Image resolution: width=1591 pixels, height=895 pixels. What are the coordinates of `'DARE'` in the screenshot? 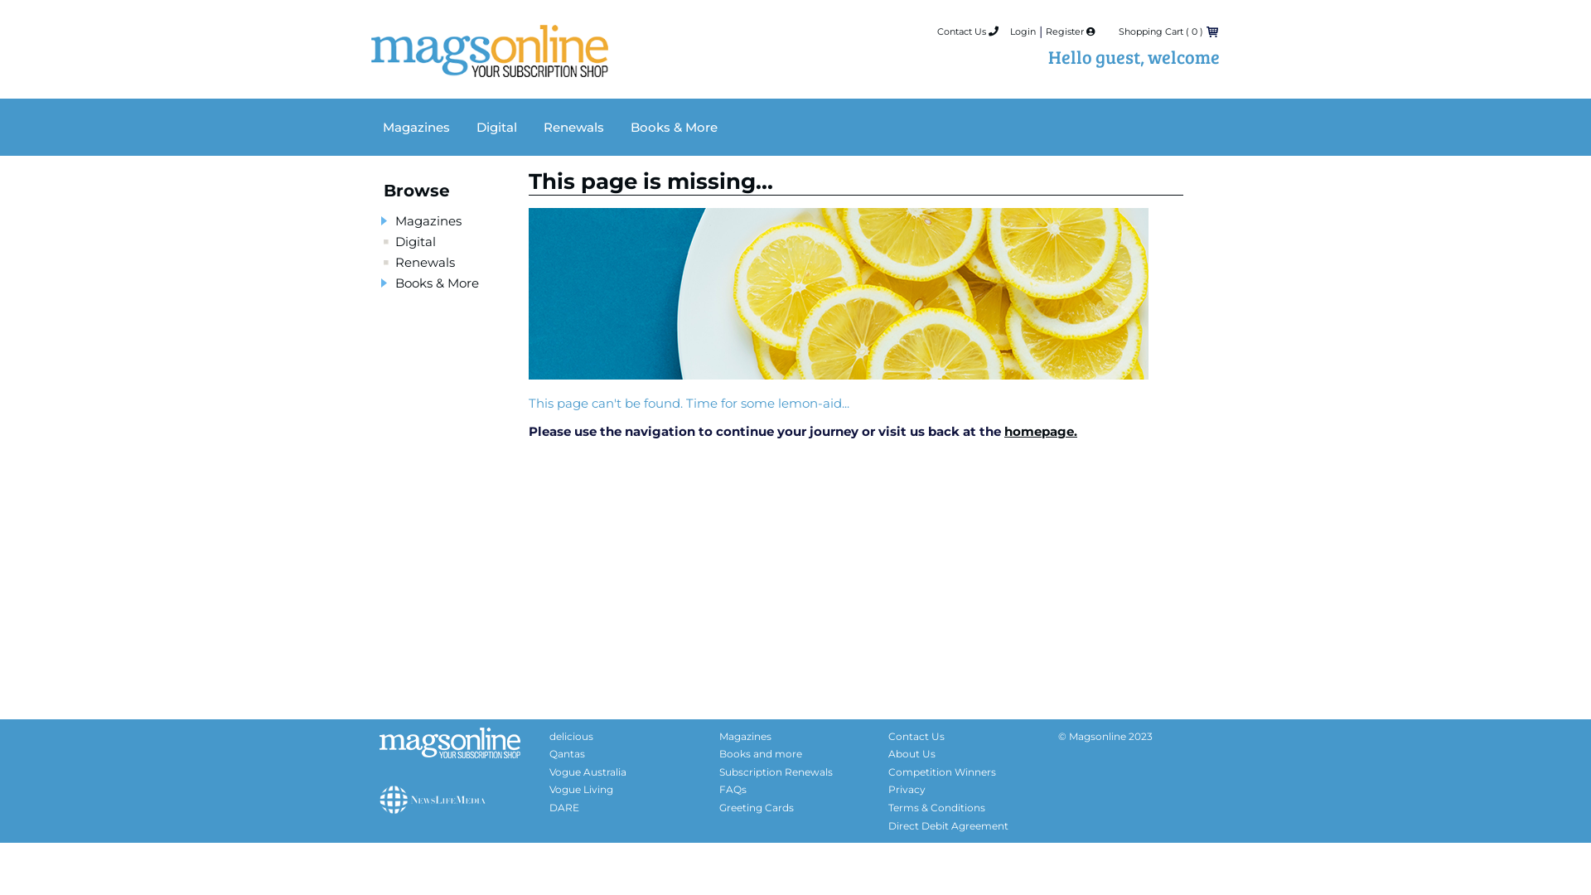 It's located at (564, 806).